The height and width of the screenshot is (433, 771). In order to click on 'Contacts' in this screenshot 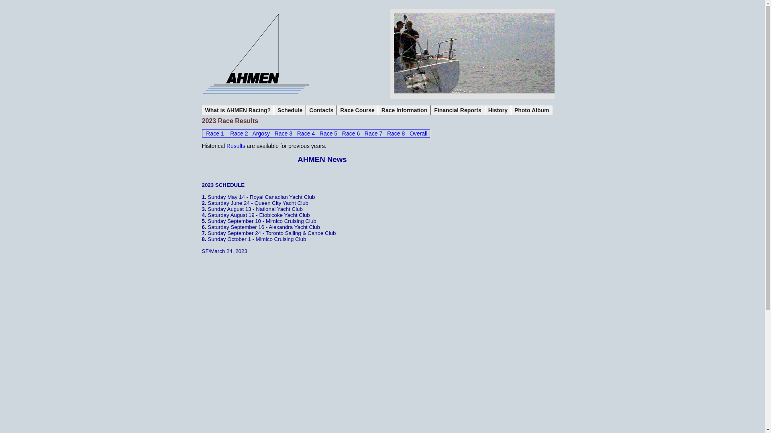, I will do `click(321, 110)`.